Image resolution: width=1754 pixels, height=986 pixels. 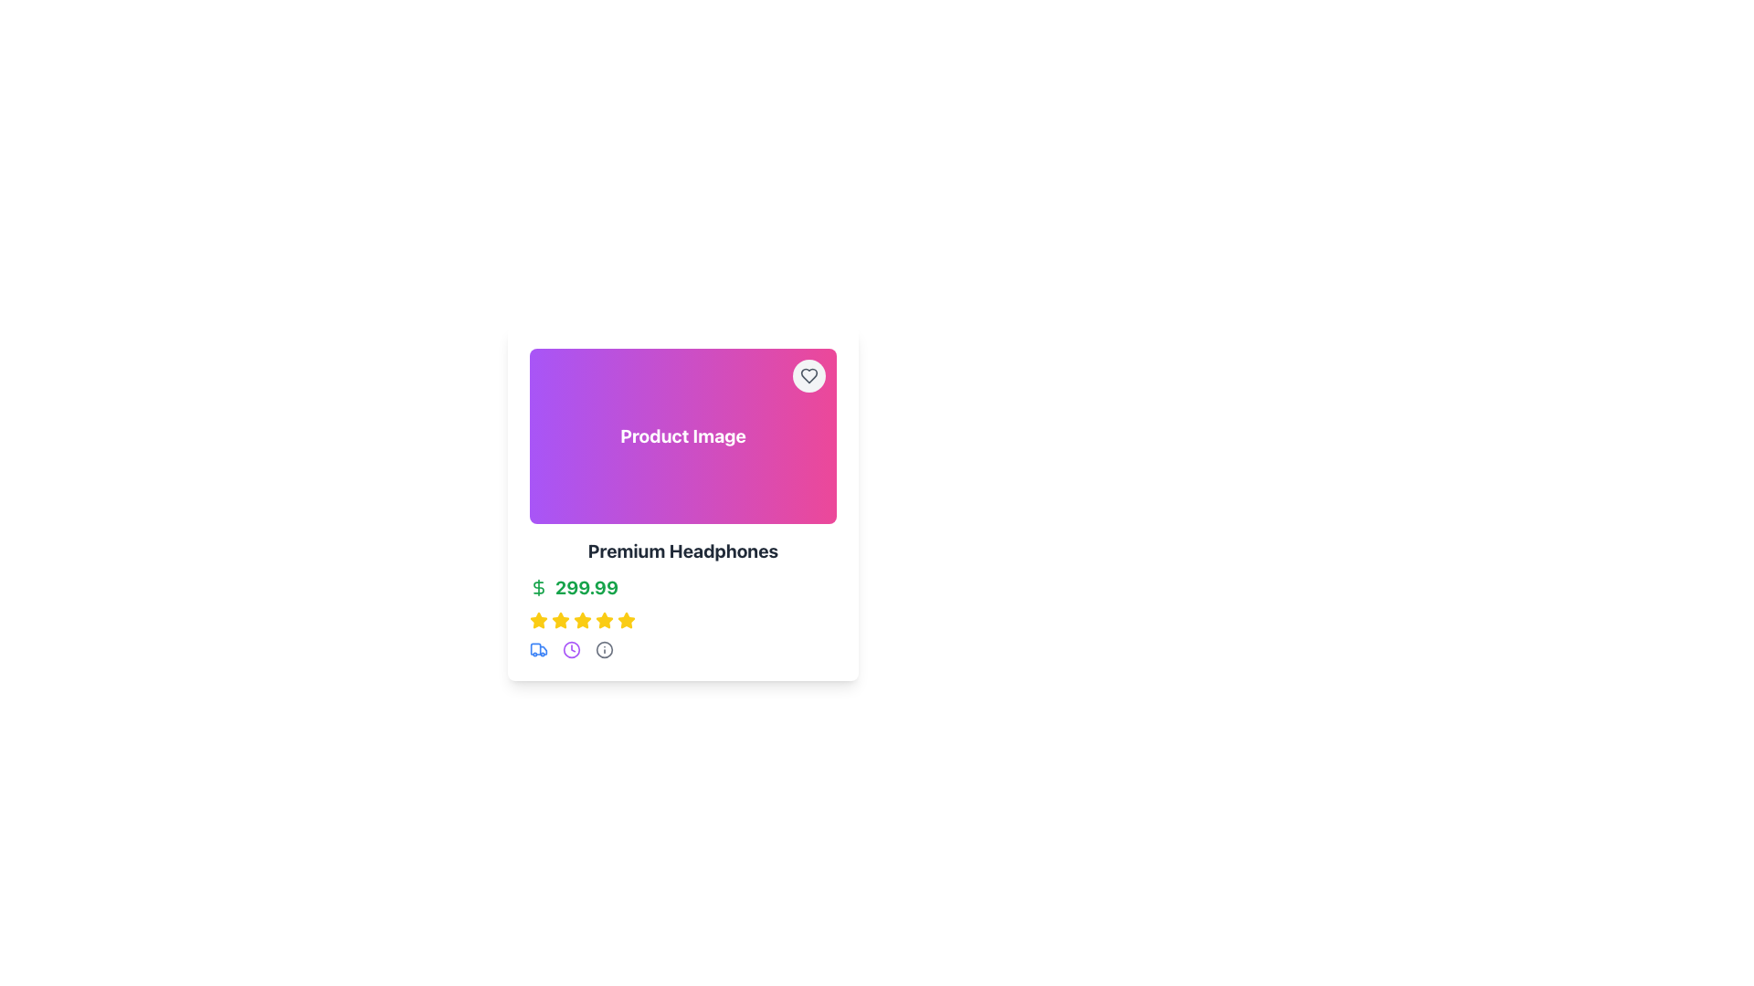 I want to click on displayed text from the 'Product Image' text label, which is prominently bold and white against a gradient background of purple to pink, centrally positioned in the upper section of a card-like UI component, so click(x=682, y=436).